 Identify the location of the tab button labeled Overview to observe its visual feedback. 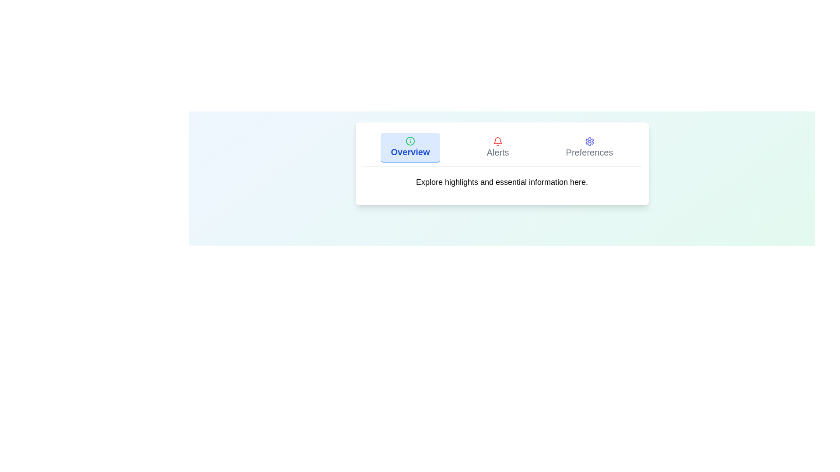
(409, 147).